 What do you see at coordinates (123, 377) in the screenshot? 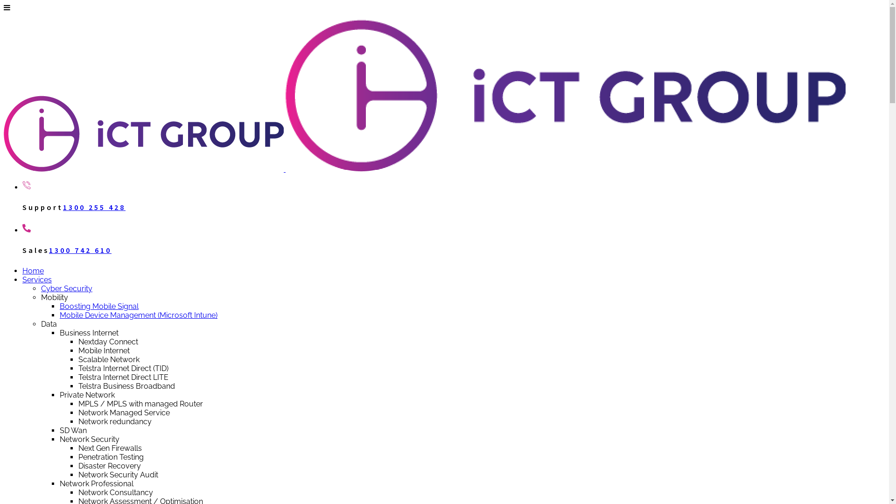
I see `'Telstra Internet Direct LITE'` at bounding box center [123, 377].